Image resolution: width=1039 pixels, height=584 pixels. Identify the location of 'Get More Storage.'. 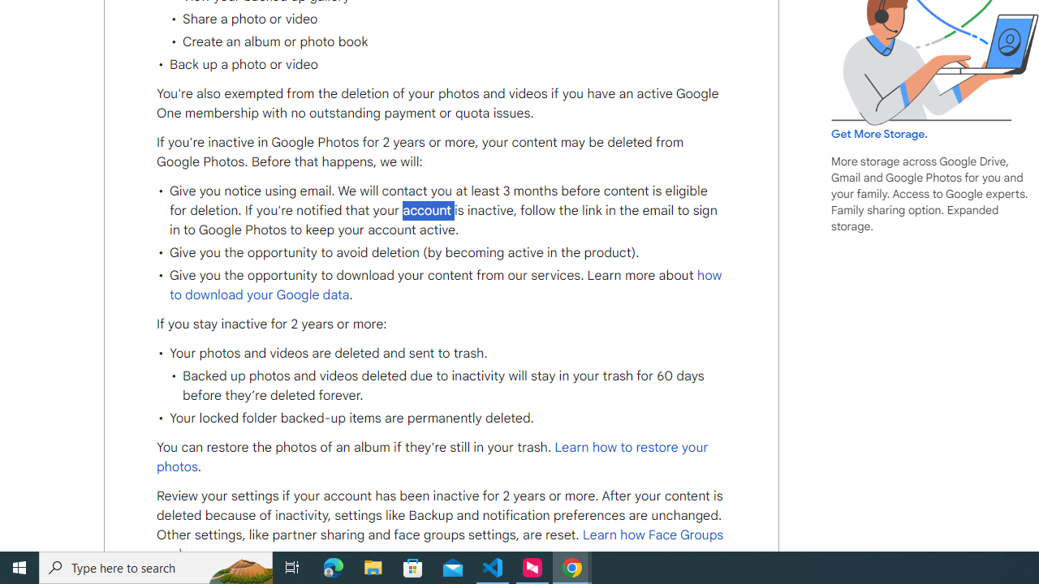
(878, 133).